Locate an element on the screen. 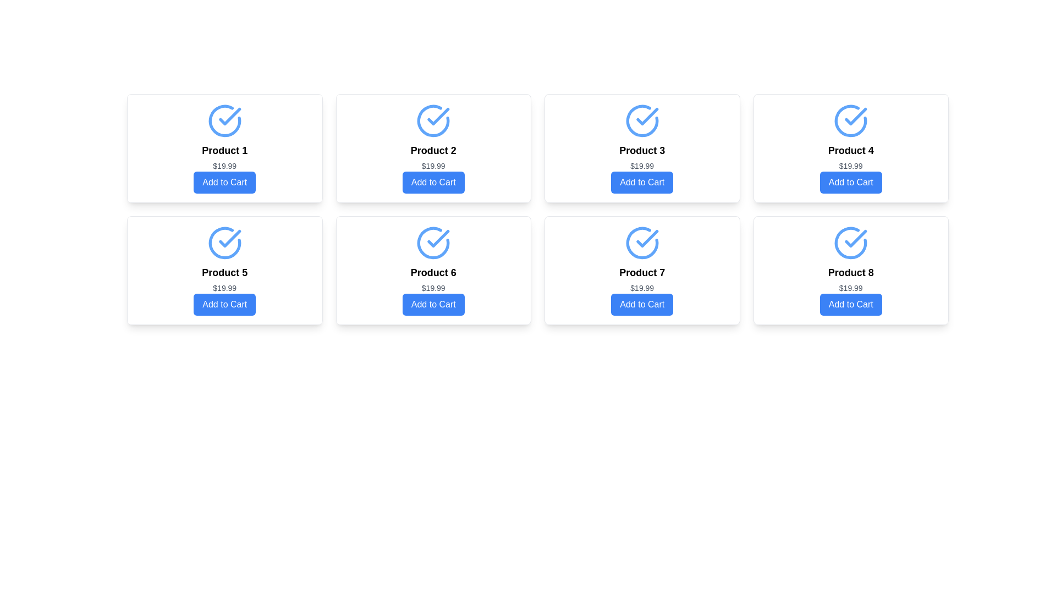  the verification icon located at the top of the 'Product 8' card, which indicates selection or completion status is located at coordinates (850, 243).